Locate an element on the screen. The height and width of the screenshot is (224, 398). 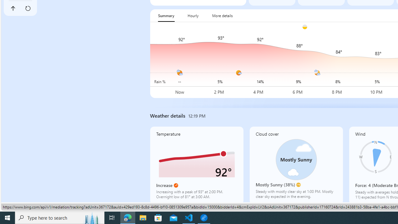
'Increase' is located at coordinates (175, 185).